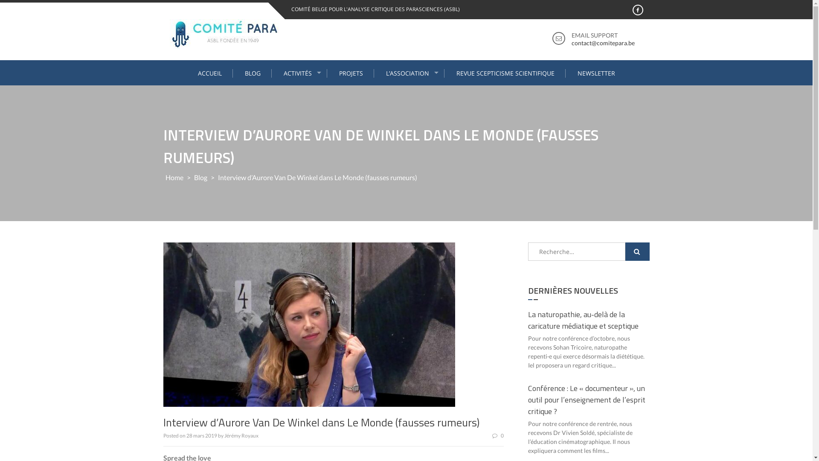  Describe the element at coordinates (505, 73) in the screenshot. I see `'REVUE SCEPTICISME SCIENTIFIQUE'` at that location.